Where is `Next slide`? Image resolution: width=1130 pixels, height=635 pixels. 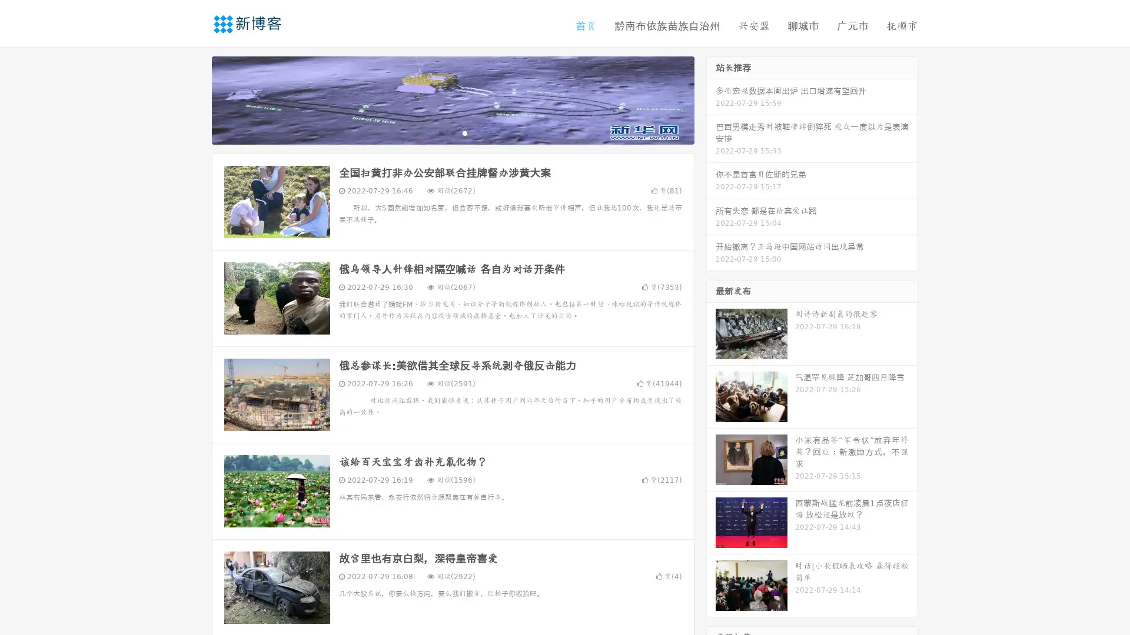
Next slide is located at coordinates (711, 99).